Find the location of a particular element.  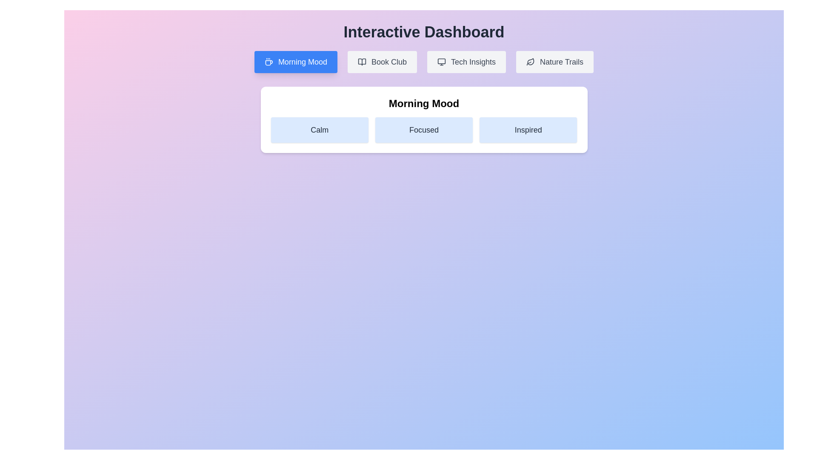

the 'Book Club' button is located at coordinates (382, 62).